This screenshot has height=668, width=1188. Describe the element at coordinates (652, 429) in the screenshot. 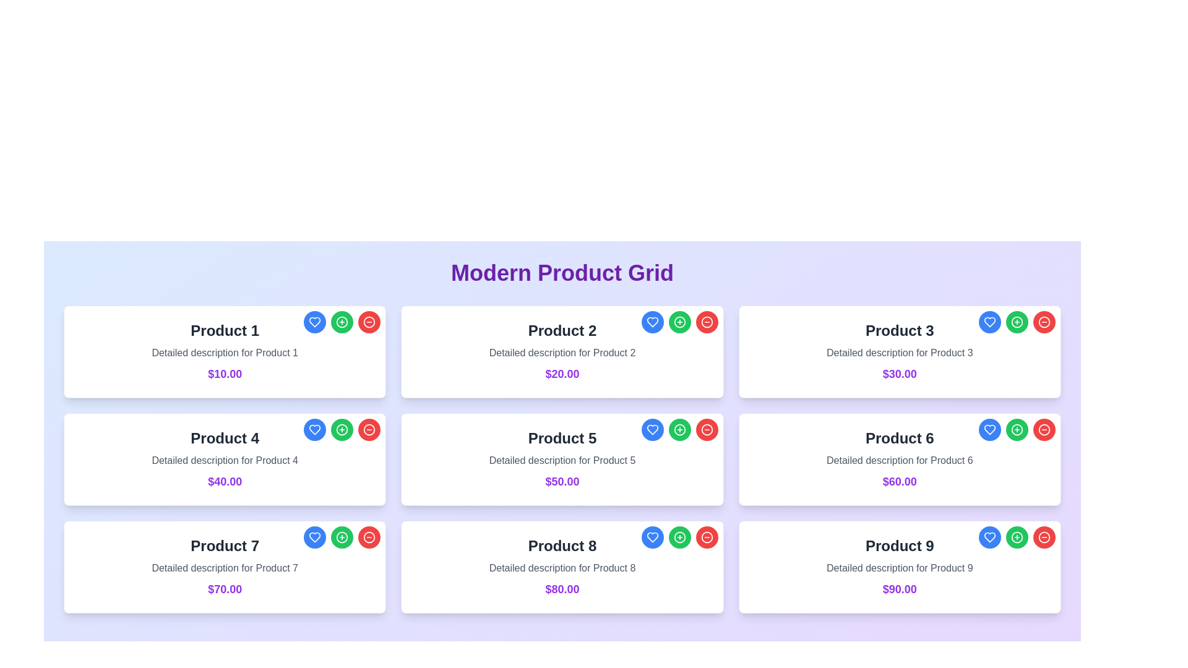

I see `the 'like' icon located at the top right of the 'Product 5' card` at that location.